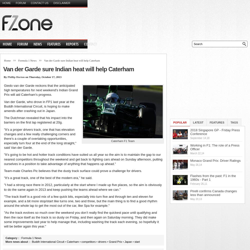 This screenshot has width=250, height=250. Describe the element at coordinates (115, 241) in the screenshot. I see `'Grand Prix'` at that location.